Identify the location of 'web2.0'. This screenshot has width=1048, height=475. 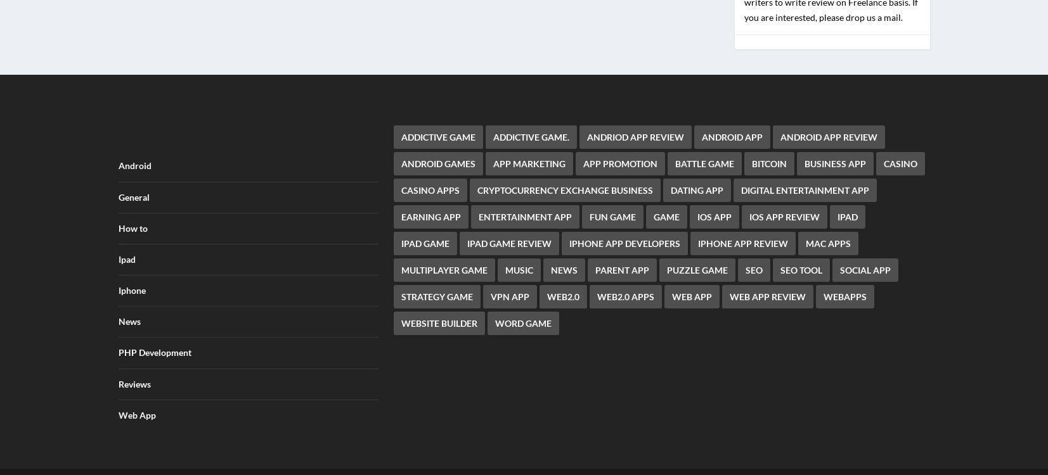
(547, 288).